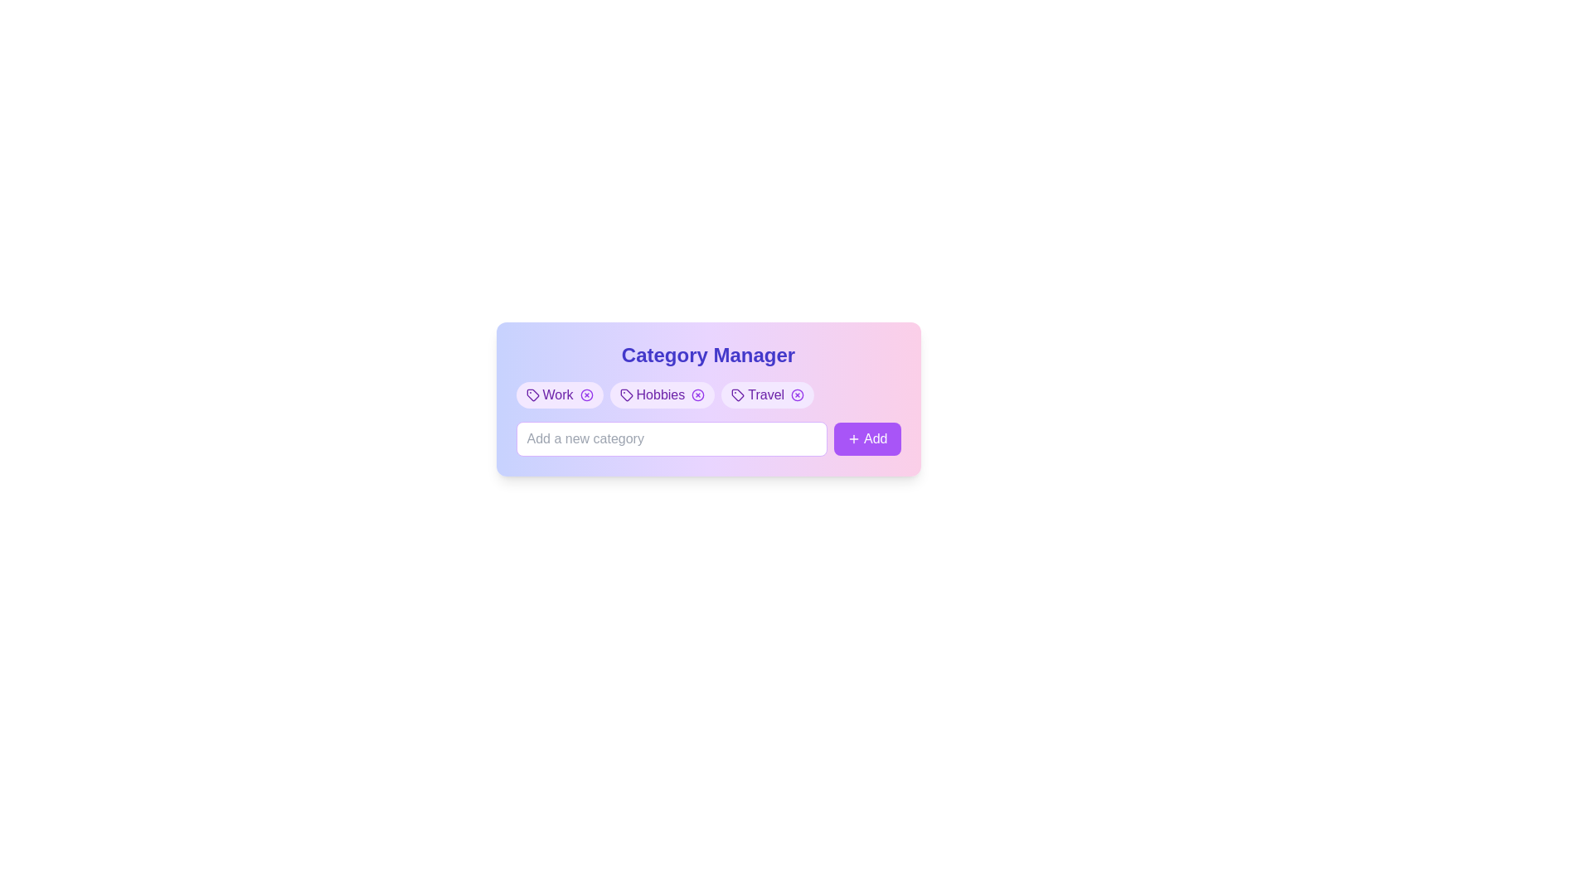  What do you see at coordinates (586, 395) in the screenshot?
I see `the Circular SVG element associated with the 'Work' category tag to gain more information` at bounding box center [586, 395].